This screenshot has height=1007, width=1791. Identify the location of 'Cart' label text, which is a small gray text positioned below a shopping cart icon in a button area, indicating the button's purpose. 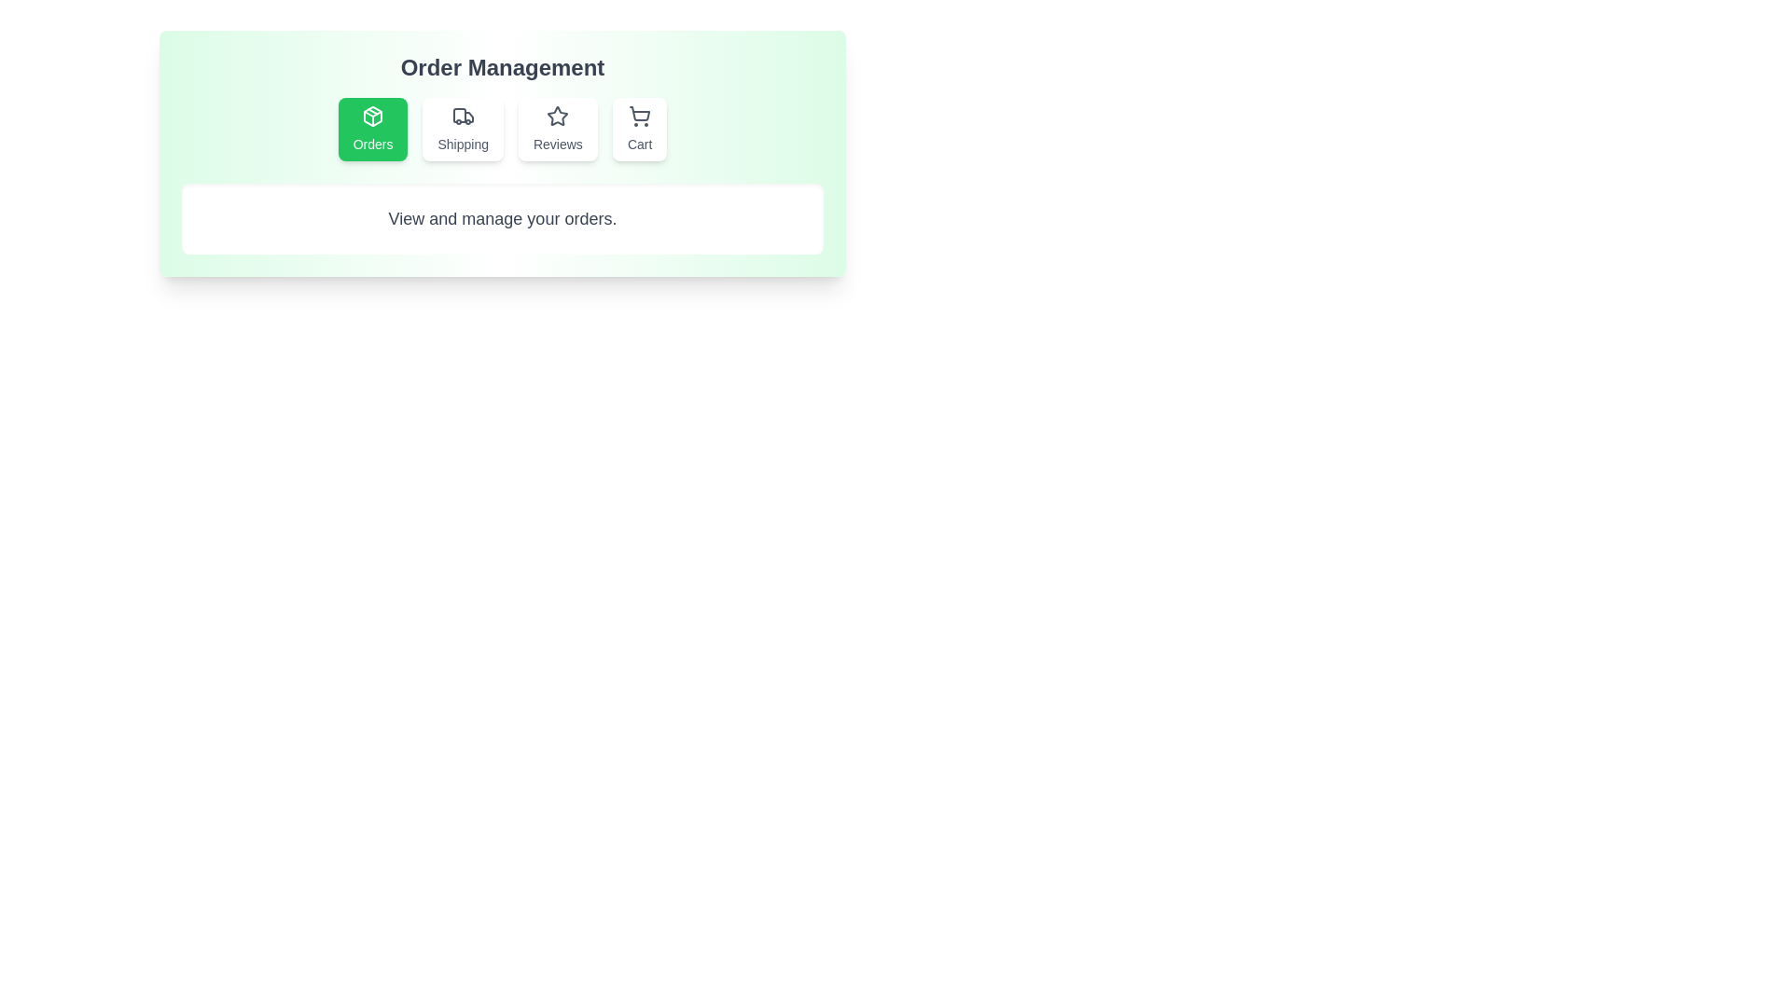
(640, 143).